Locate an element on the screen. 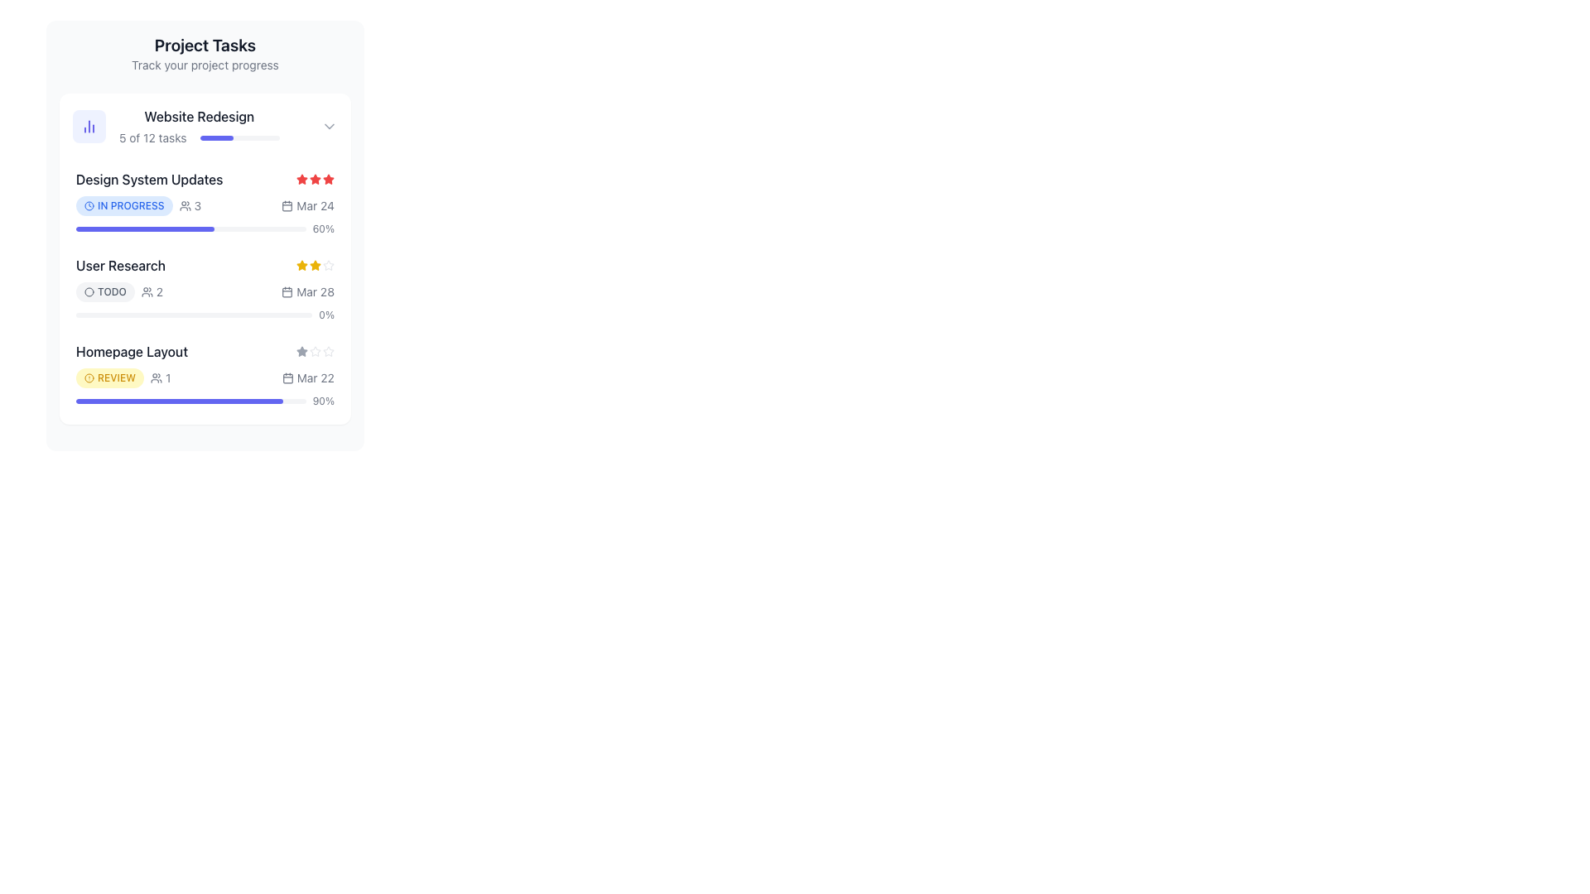 The width and height of the screenshot is (1590, 894). the star icon in the 'Design System Updates' task row is located at coordinates (315, 179).